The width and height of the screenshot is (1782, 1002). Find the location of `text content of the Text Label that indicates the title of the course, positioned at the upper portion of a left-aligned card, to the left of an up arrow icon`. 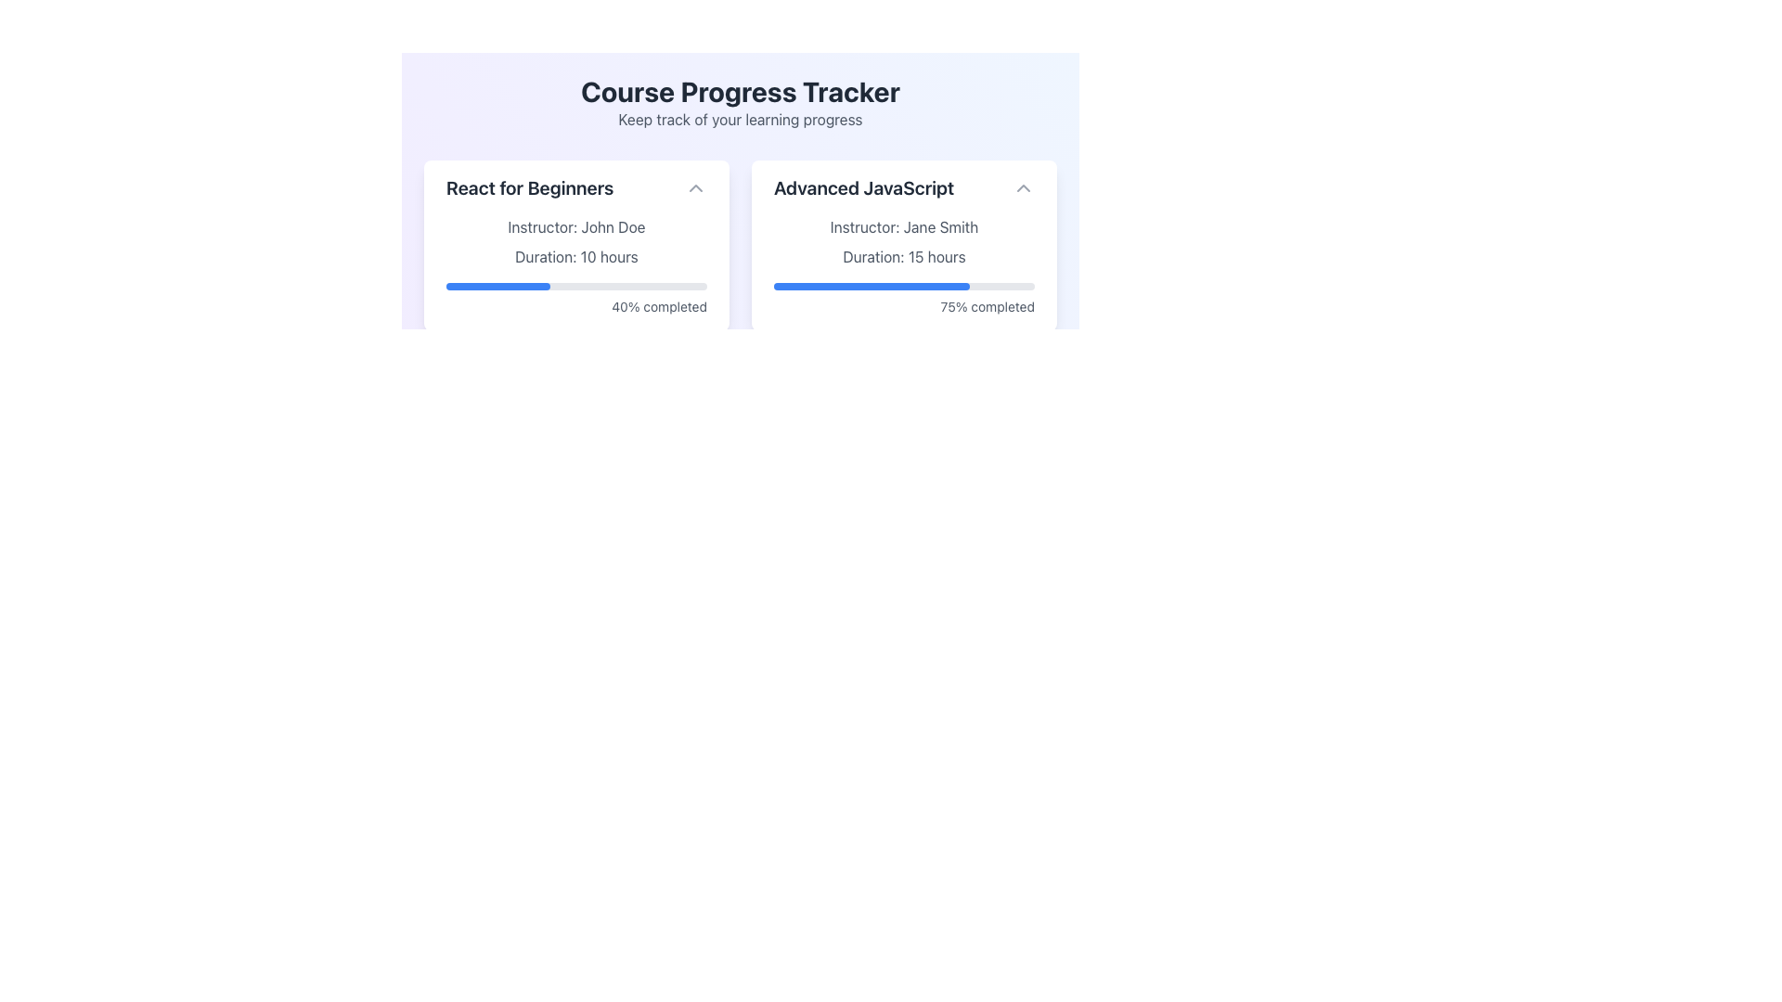

text content of the Text Label that indicates the title of the course, positioned at the upper portion of a left-aligned card, to the left of an up arrow icon is located at coordinates (529, 188).